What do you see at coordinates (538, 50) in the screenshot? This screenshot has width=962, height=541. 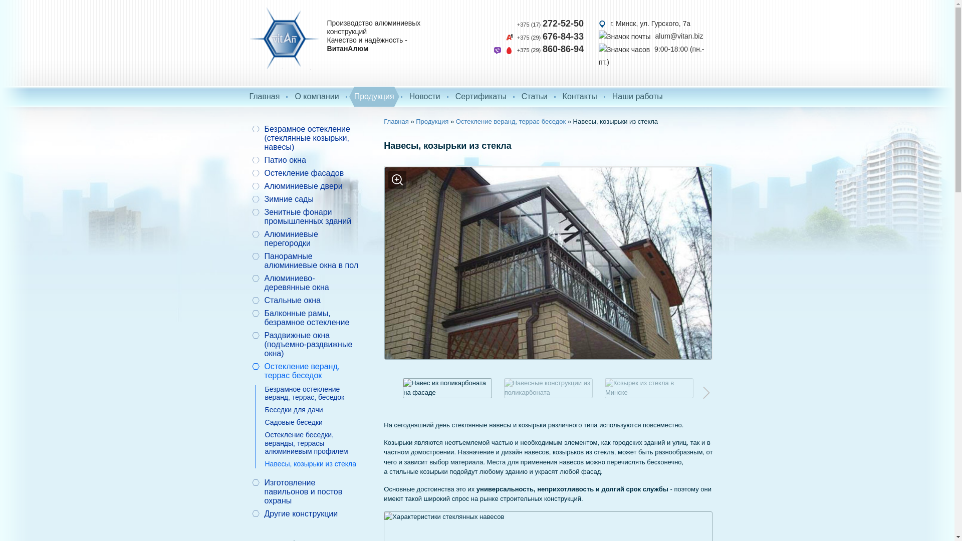 I see `'+375 (29) 860-86-94'` at bounding box center [538, 50].